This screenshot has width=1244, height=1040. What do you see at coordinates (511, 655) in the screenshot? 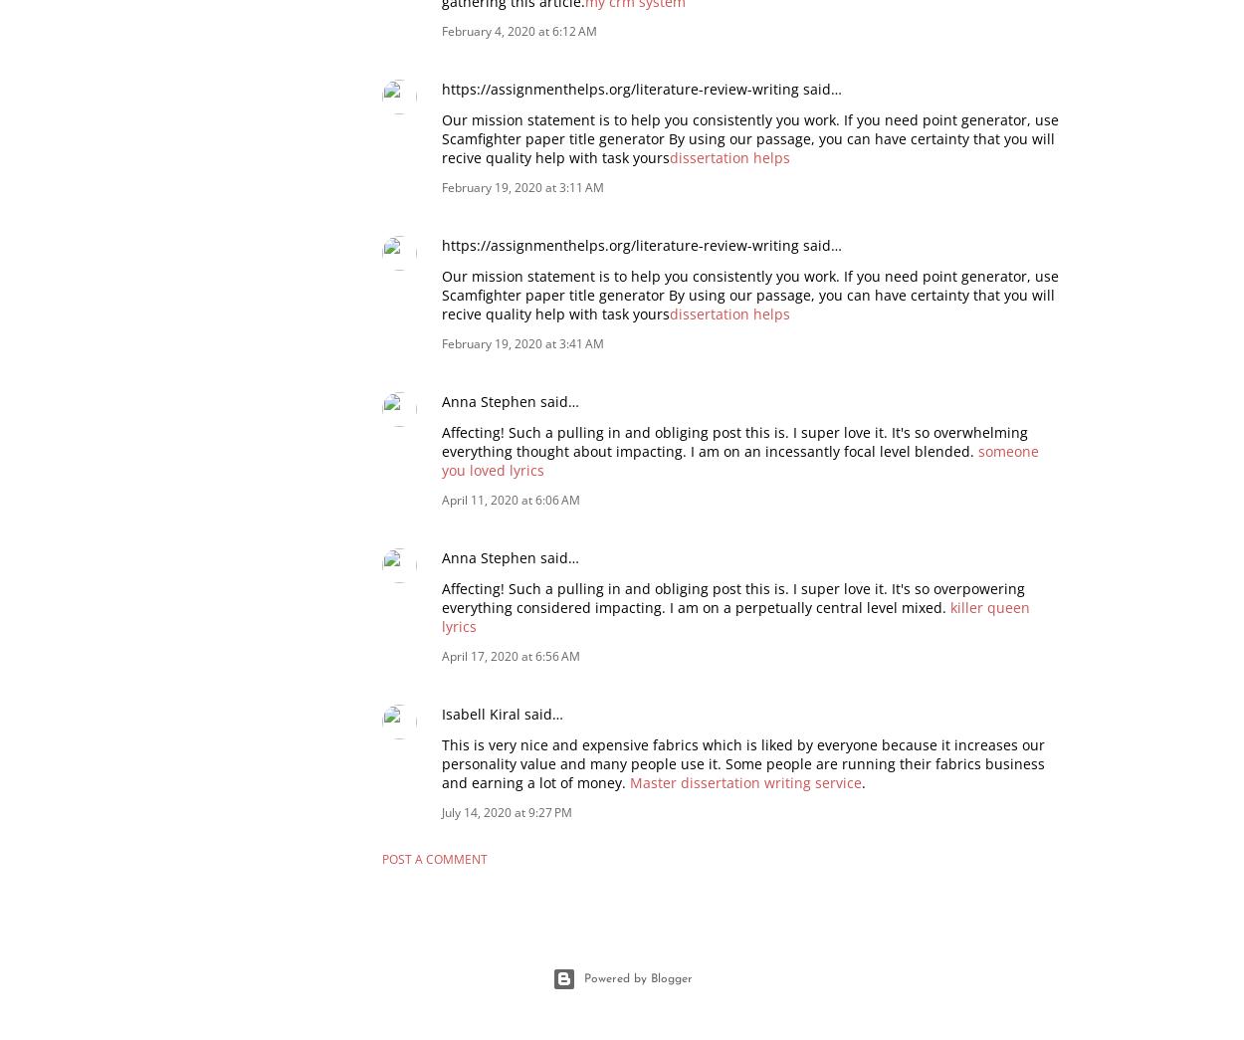
I see `'April 17, 2020 at 6:56 AM'` at bounding box center [511, 655].